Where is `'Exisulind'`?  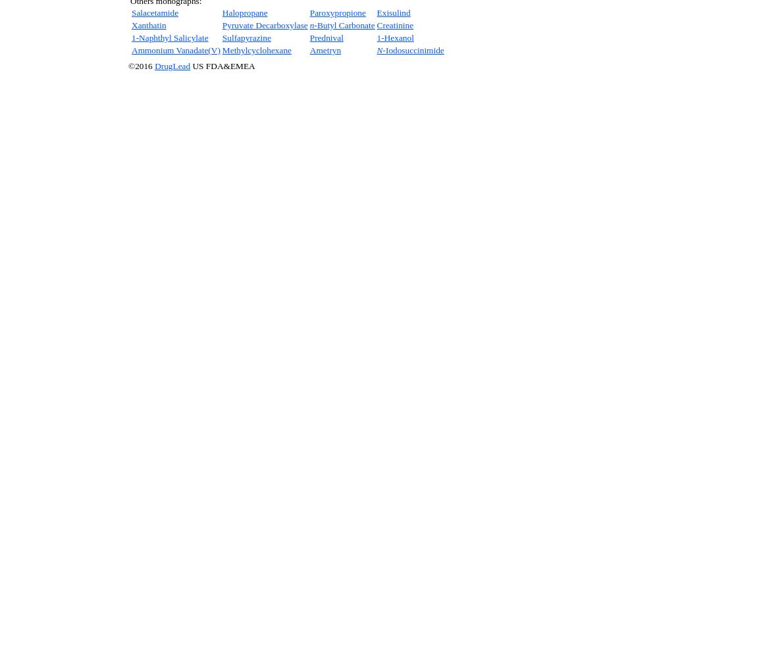
'Exisulind' is located at coordinates (377, 13).